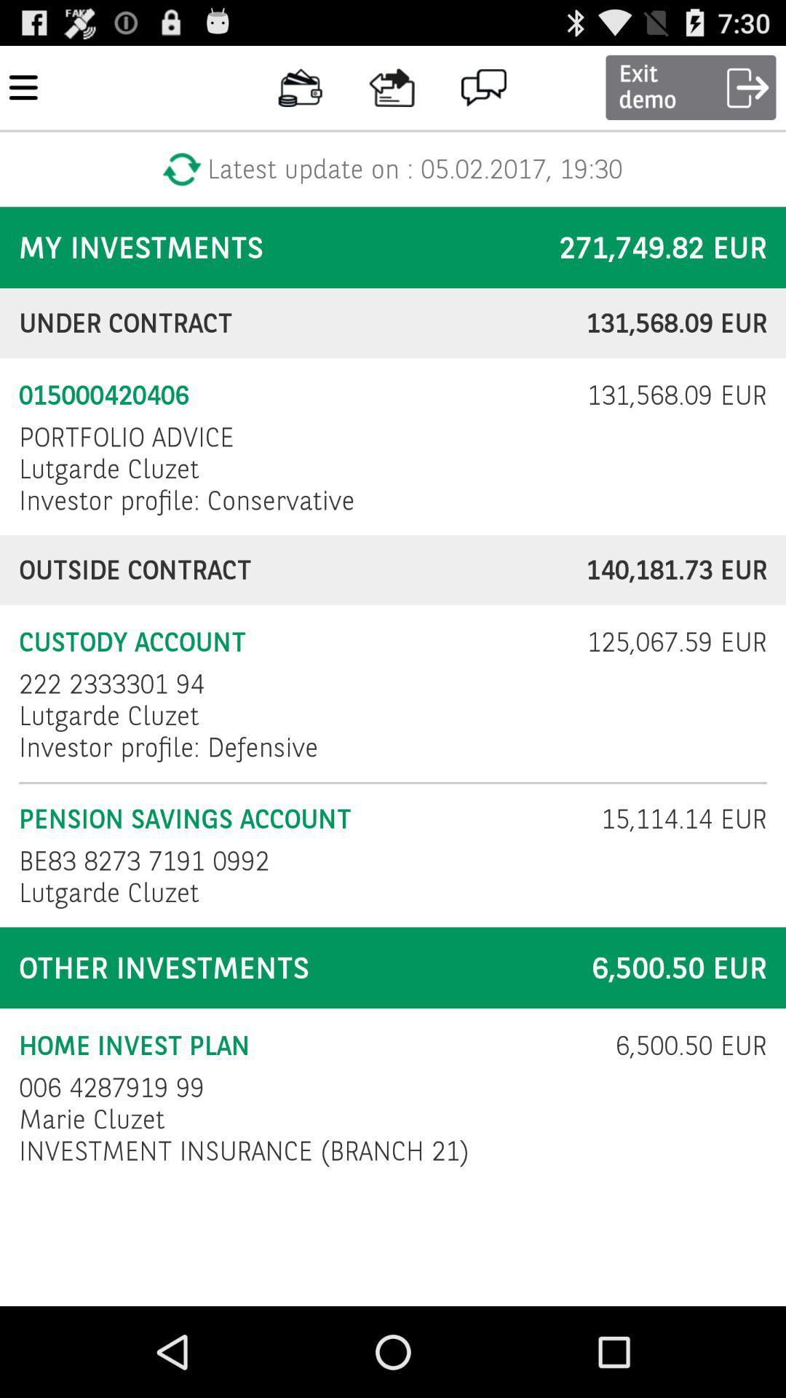 This screenshot has width=786, height=1398. What do you see at coordinates (293, 641) in the screenshot?
I see `checkbox to the left of 125 067 59 icon` at bounding box center [293, 641].